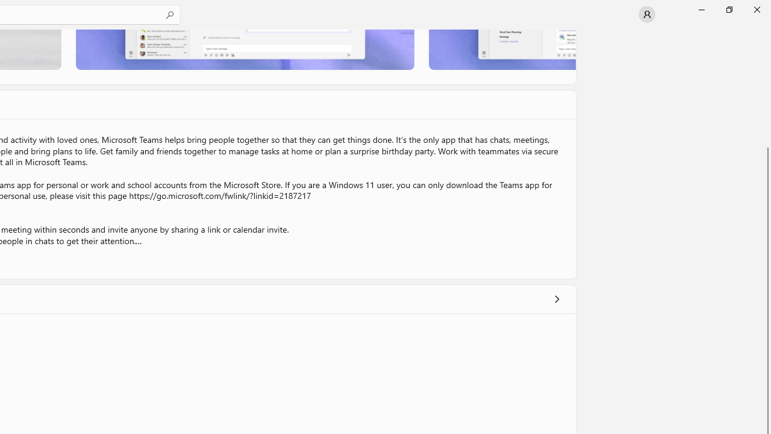 Image resolution: width=771 pixels, height=434 pixels. Describe the element at coordinates (646, 14) in the screenshot. I see `'User profile'` at that location.